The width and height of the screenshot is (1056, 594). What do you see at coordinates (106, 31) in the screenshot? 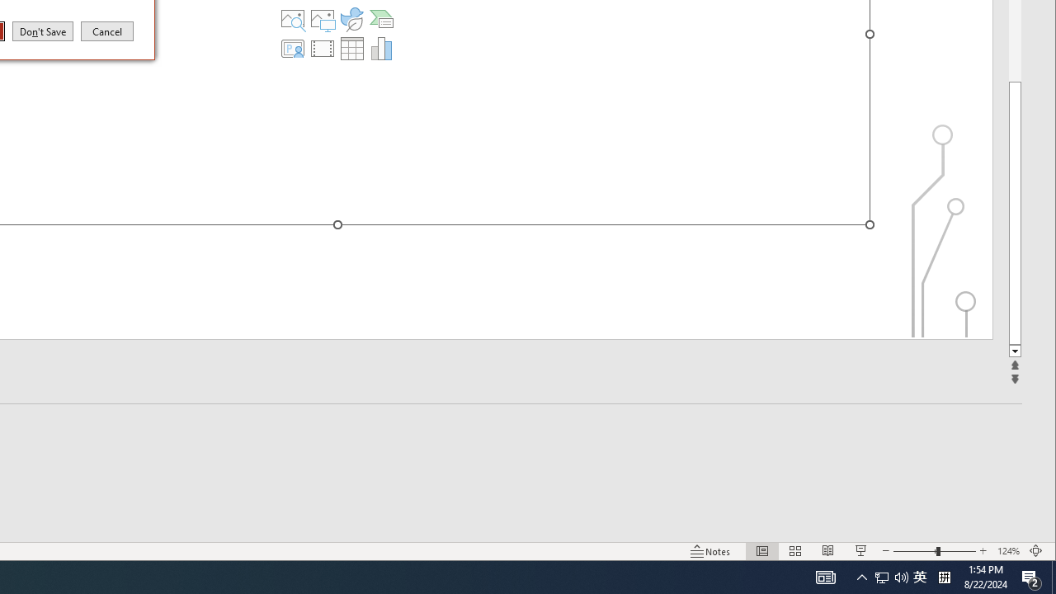
I see `'Cancel'` at bounding box center [106, 31].